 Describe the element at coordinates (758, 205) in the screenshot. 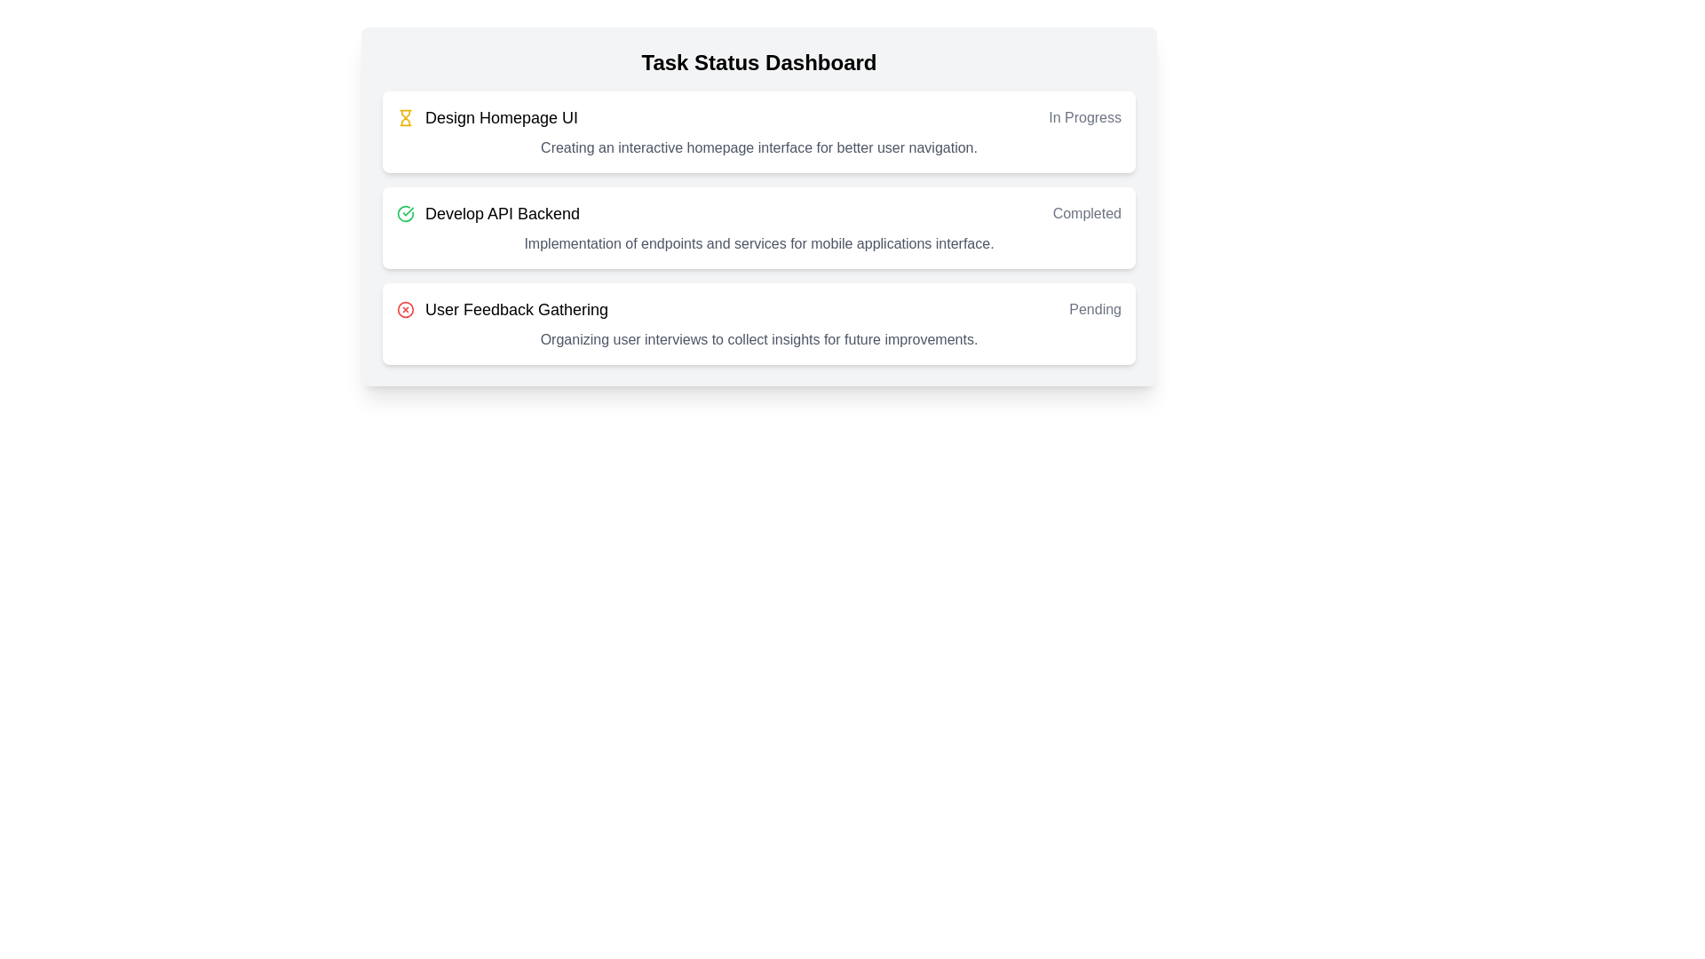

I see `the dashboard section that contains multiple information cards, providing an overview of three tasks with titles, statuses, and descriptions` at that location.